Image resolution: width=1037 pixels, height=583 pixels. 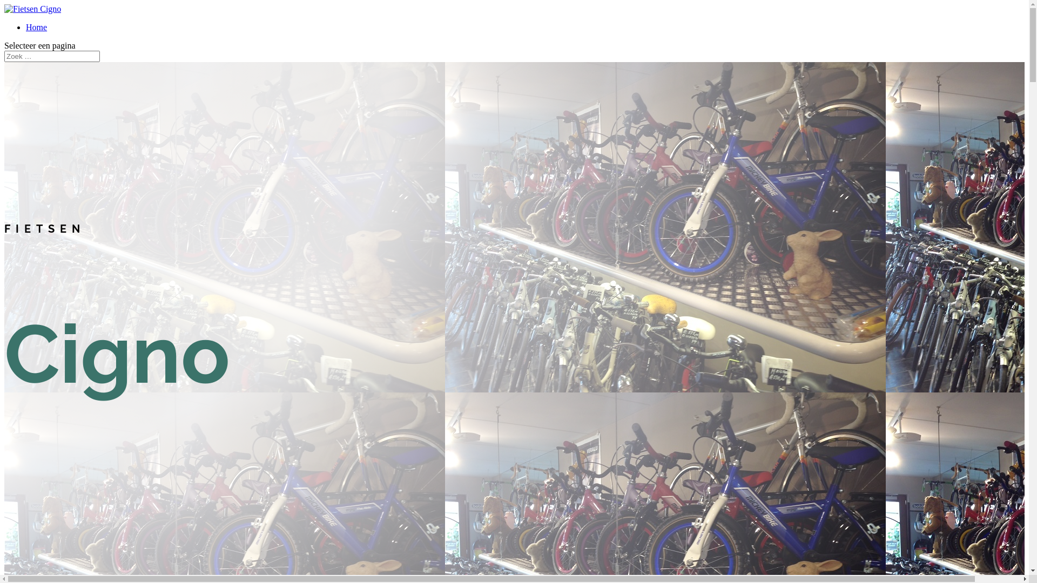 I want to click on 'Zoek naar:', so click(x=51, y=56).